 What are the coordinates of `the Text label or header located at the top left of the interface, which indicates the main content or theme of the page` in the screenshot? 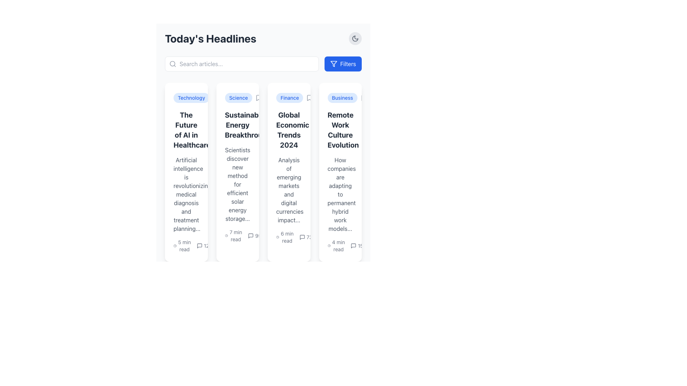 It's located at (210, 39).